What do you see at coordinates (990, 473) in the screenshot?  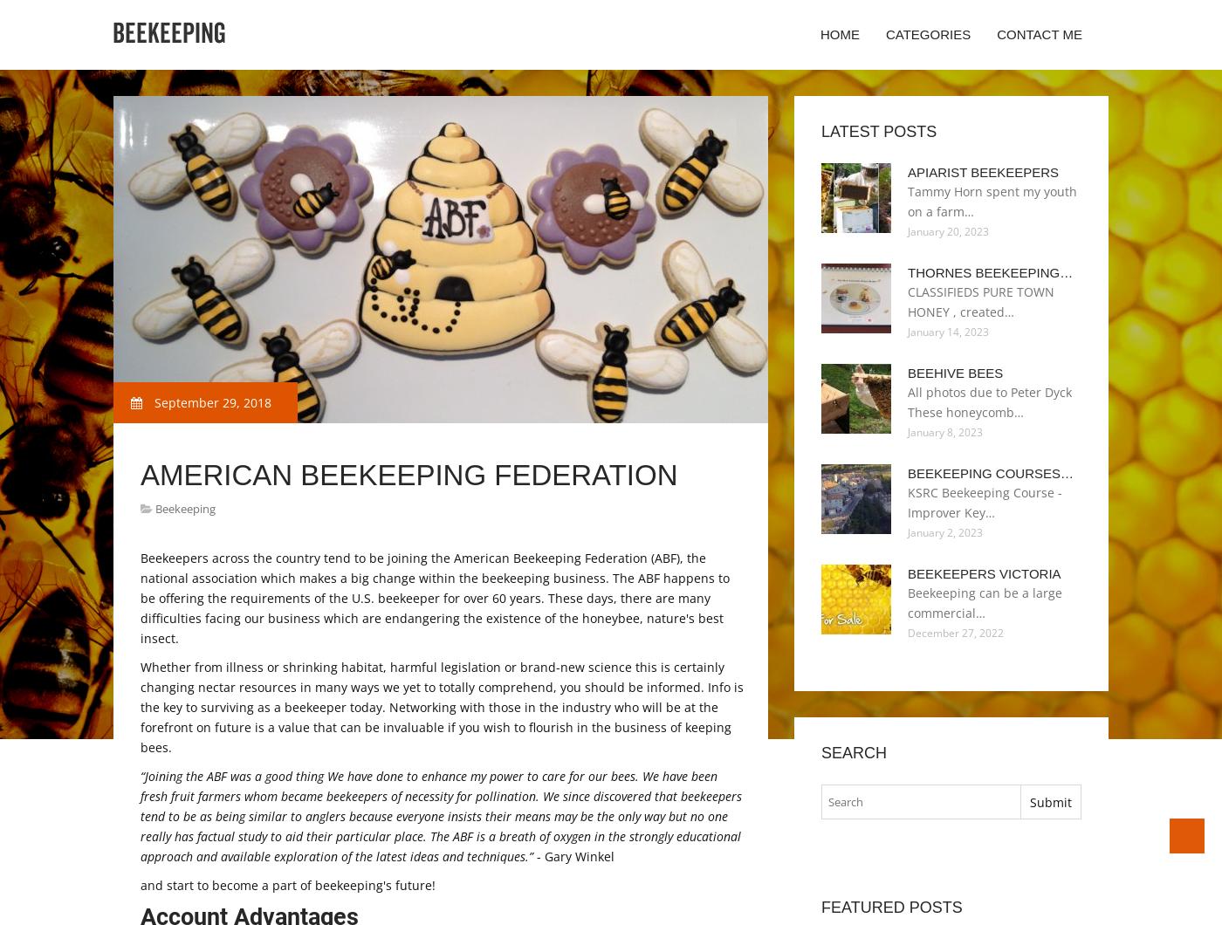 I see `'Beekeeping Courses…'` at bounding box center [990, 473].